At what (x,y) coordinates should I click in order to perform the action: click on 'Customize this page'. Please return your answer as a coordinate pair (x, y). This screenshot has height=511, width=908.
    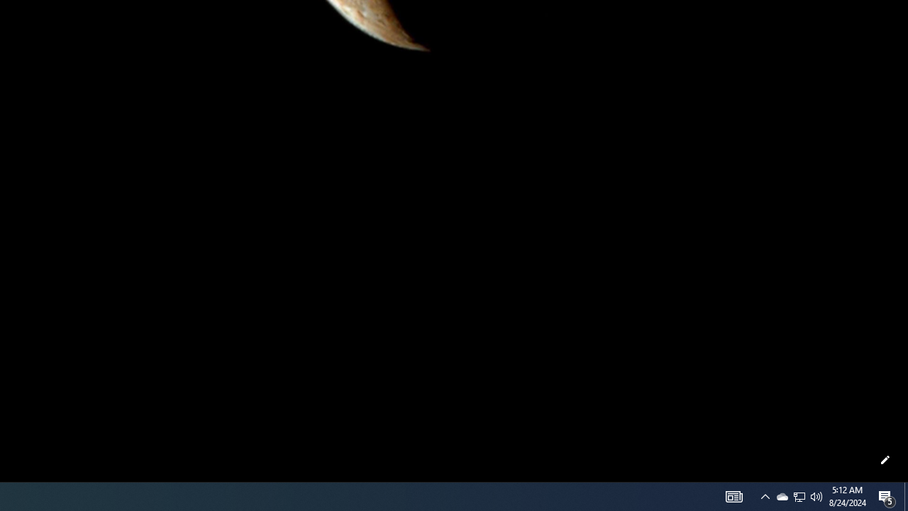
    Looking at the image, I should click on (885, 460).